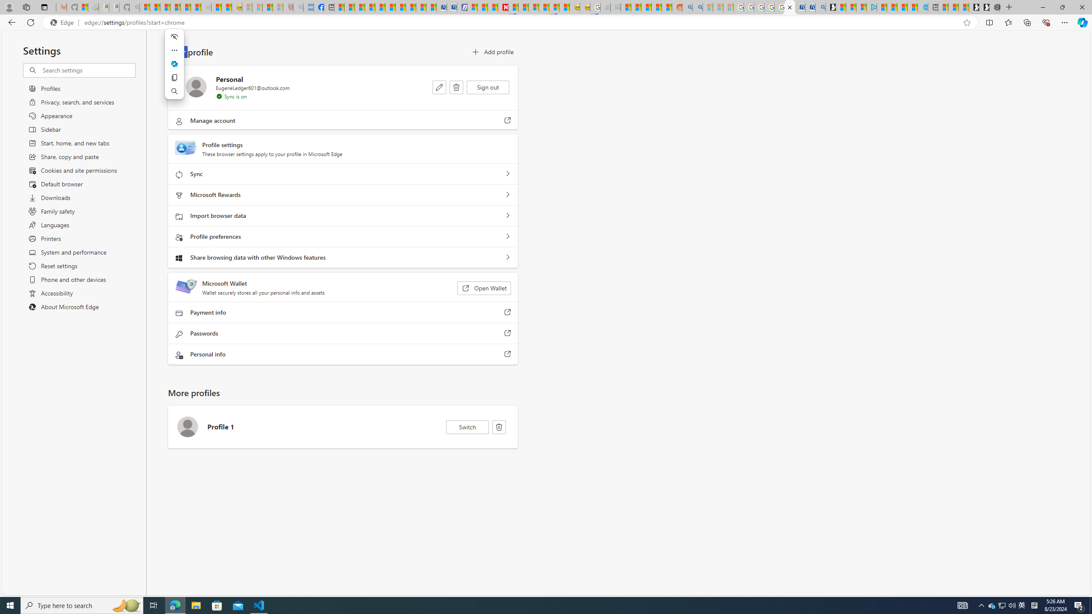 The image size is (1092, 614). What do you see at coordinates (165, 7) in the screenshot?
I see `'The Weather Channel - MSN'` at bounding box center [165, 7].